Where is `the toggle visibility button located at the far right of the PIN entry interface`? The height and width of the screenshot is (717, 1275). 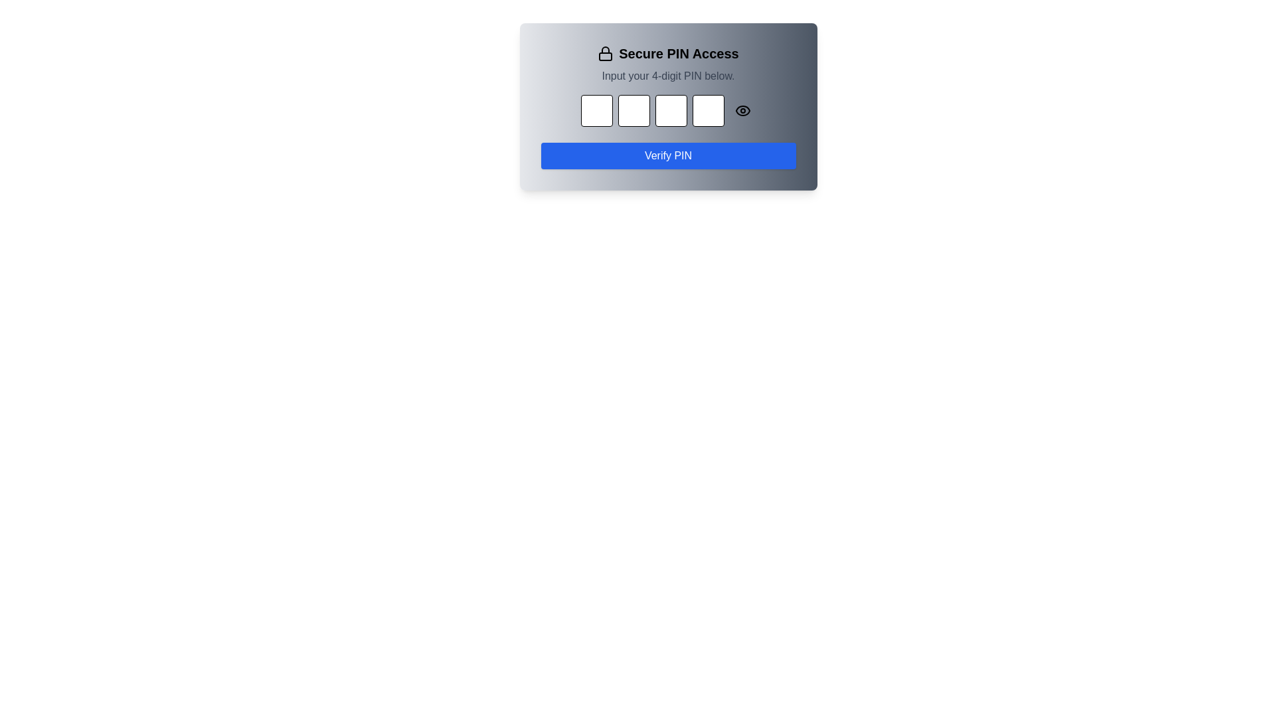
the toggle visibility button located at the far right of the PIN entry interface is located at coordinates (742, 110).